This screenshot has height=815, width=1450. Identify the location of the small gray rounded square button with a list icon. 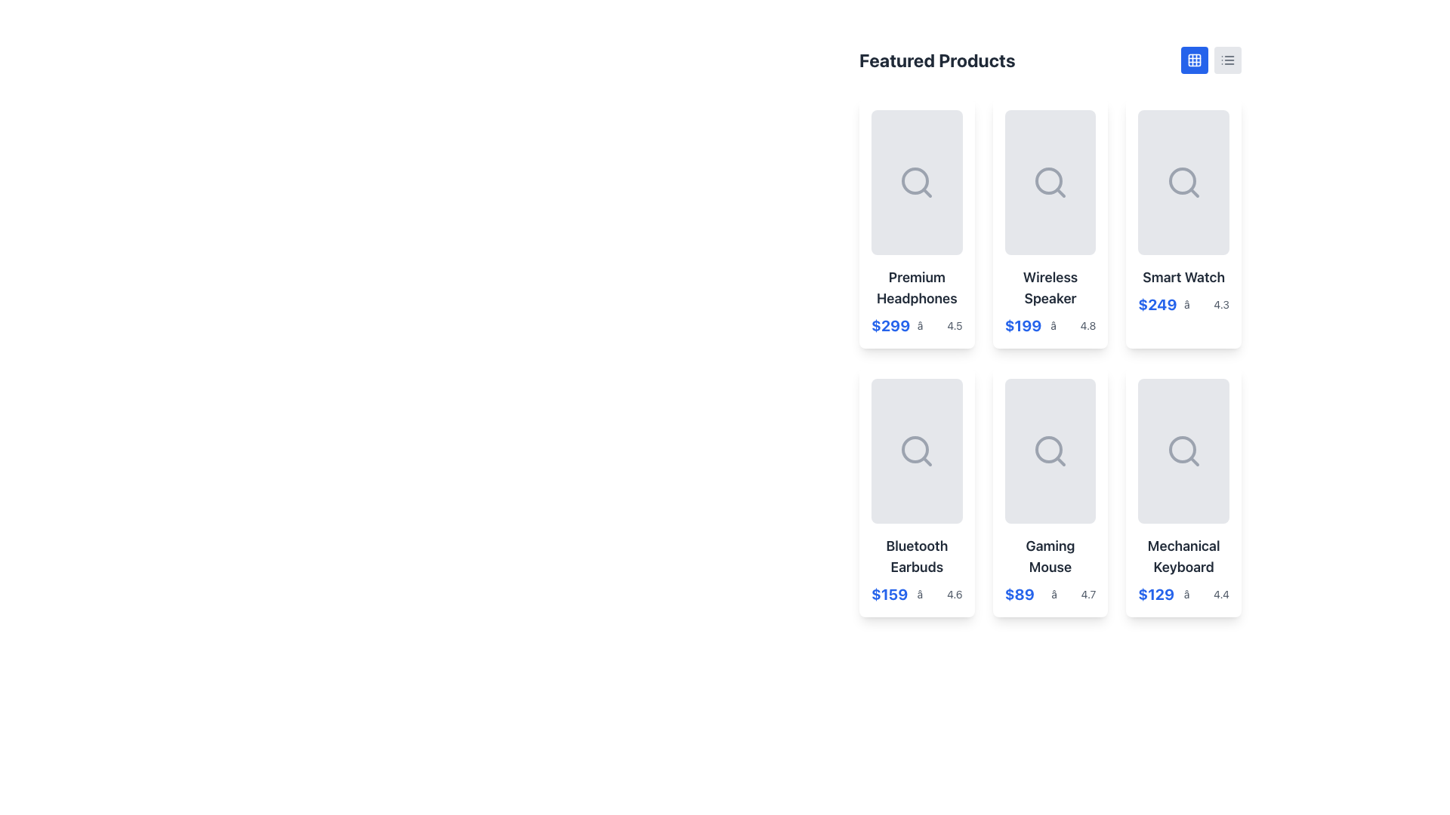
(1228, 60).